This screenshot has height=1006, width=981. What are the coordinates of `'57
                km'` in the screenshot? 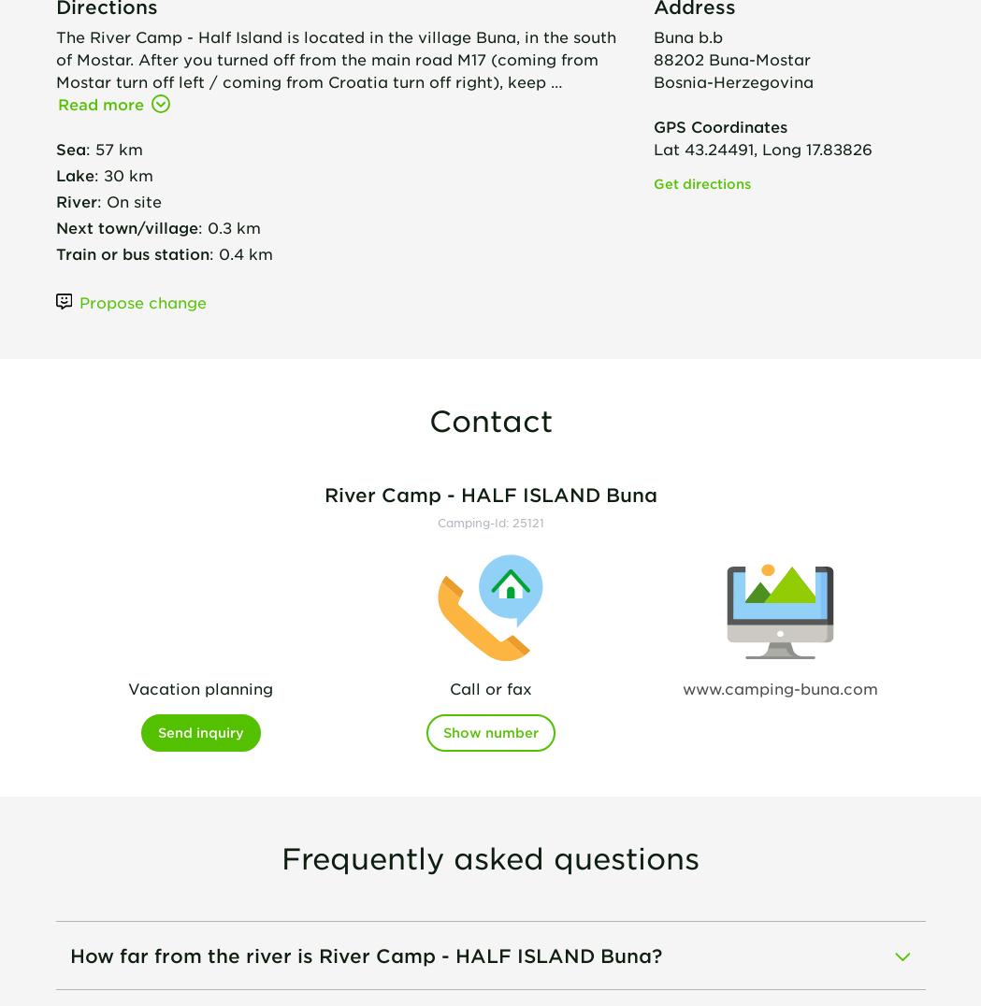 It's located at (94, 147).